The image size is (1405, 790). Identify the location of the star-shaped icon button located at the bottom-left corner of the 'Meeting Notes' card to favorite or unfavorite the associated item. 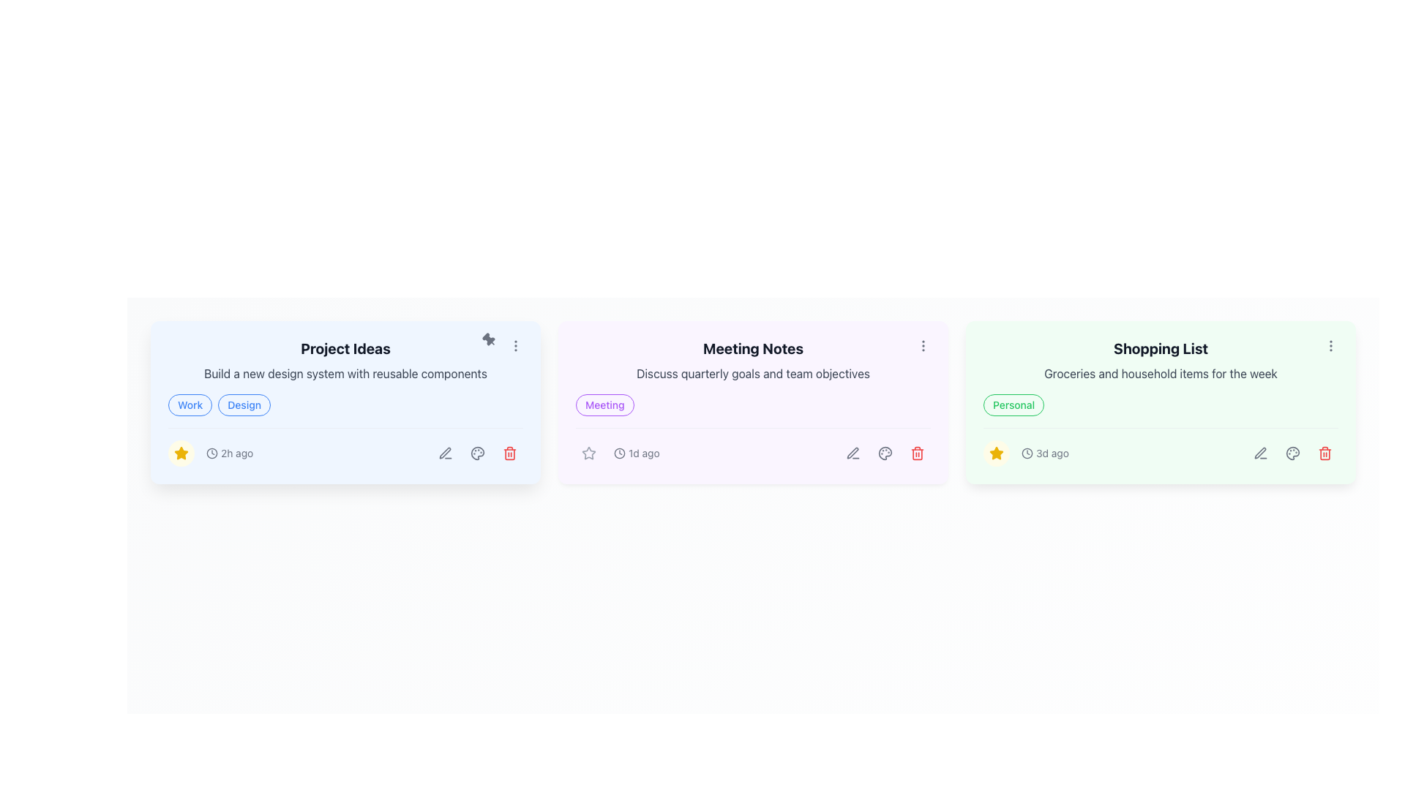
(589, 453).